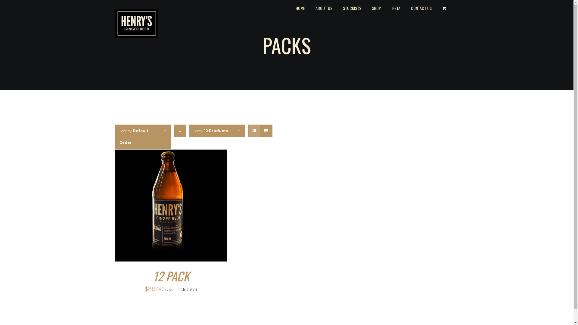 The width and height of the screenshot is (578, 325). What do you see at coordinates (133, 137) in the screenshot?
I see `'Sort by Default Order'` at bounding box center [133, 137].